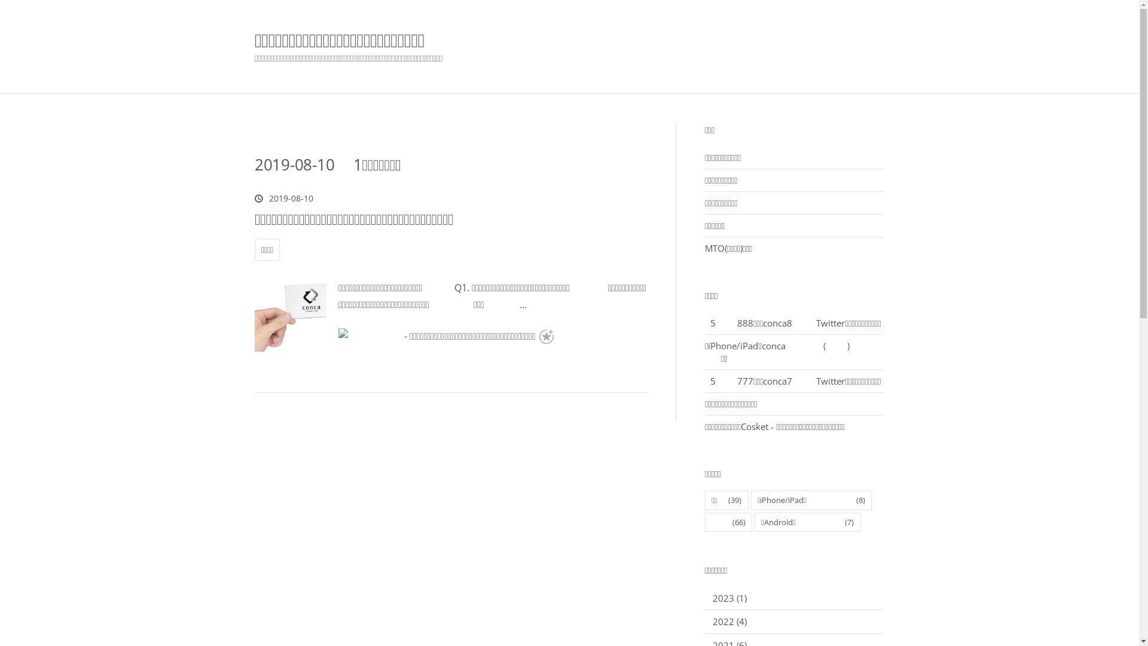  I want to click on '2019-08-10', so click(283, 197).